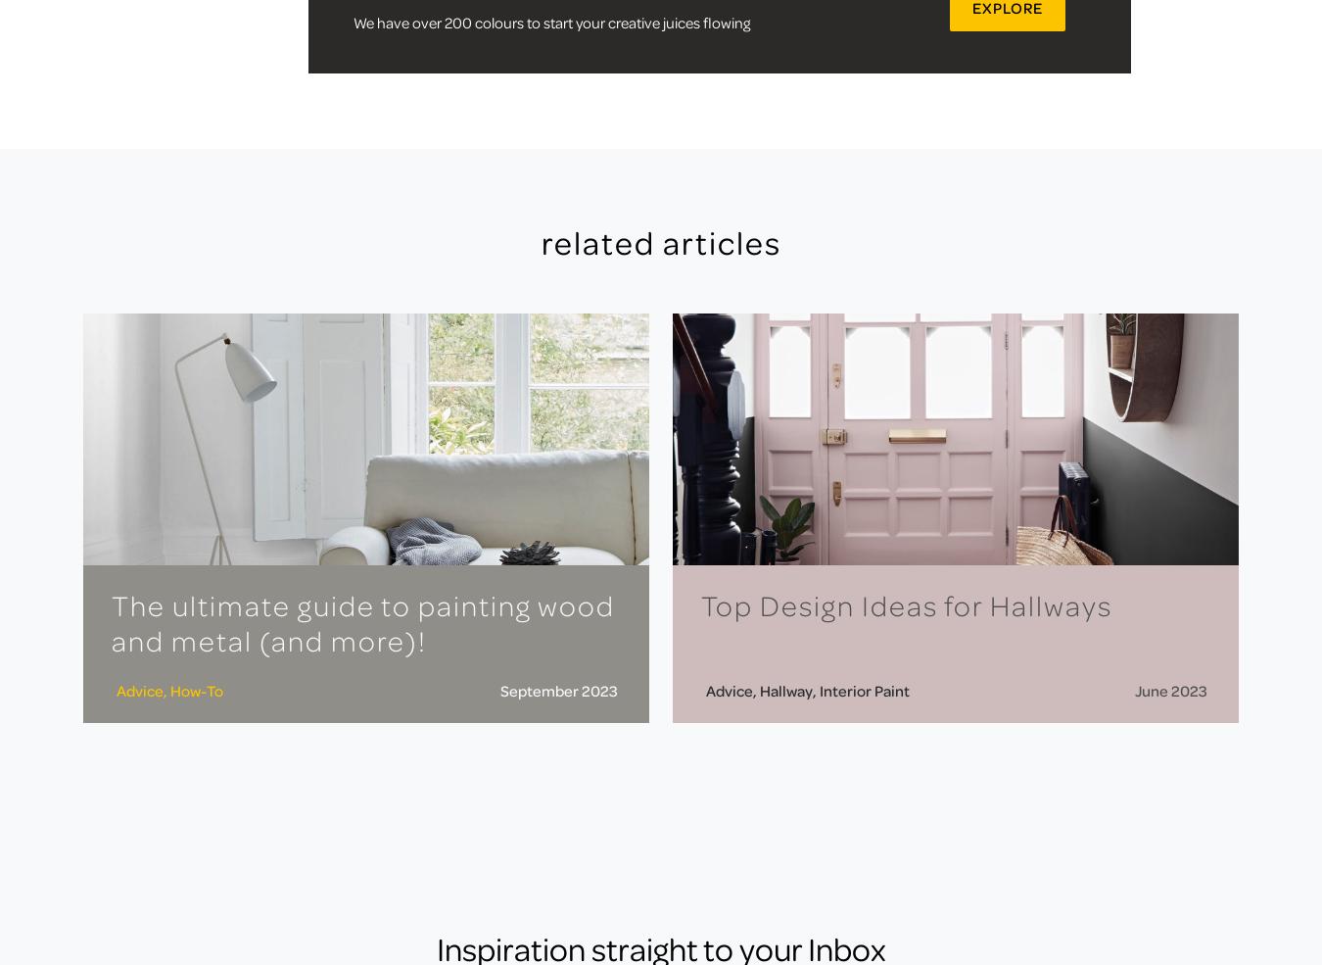 The height and width of the screenshot is (965, 1322). What do you see at coordinates (785, 689) in the screenshot?
I see `'Hallway'` at bounding box center [785, 689].